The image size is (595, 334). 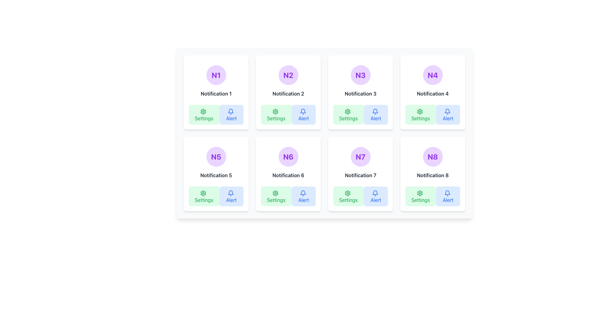 I want to click on the gear icon located in the green button labeled 'Settings', which is the fourth card in the first row, so click(x=420, y=111).